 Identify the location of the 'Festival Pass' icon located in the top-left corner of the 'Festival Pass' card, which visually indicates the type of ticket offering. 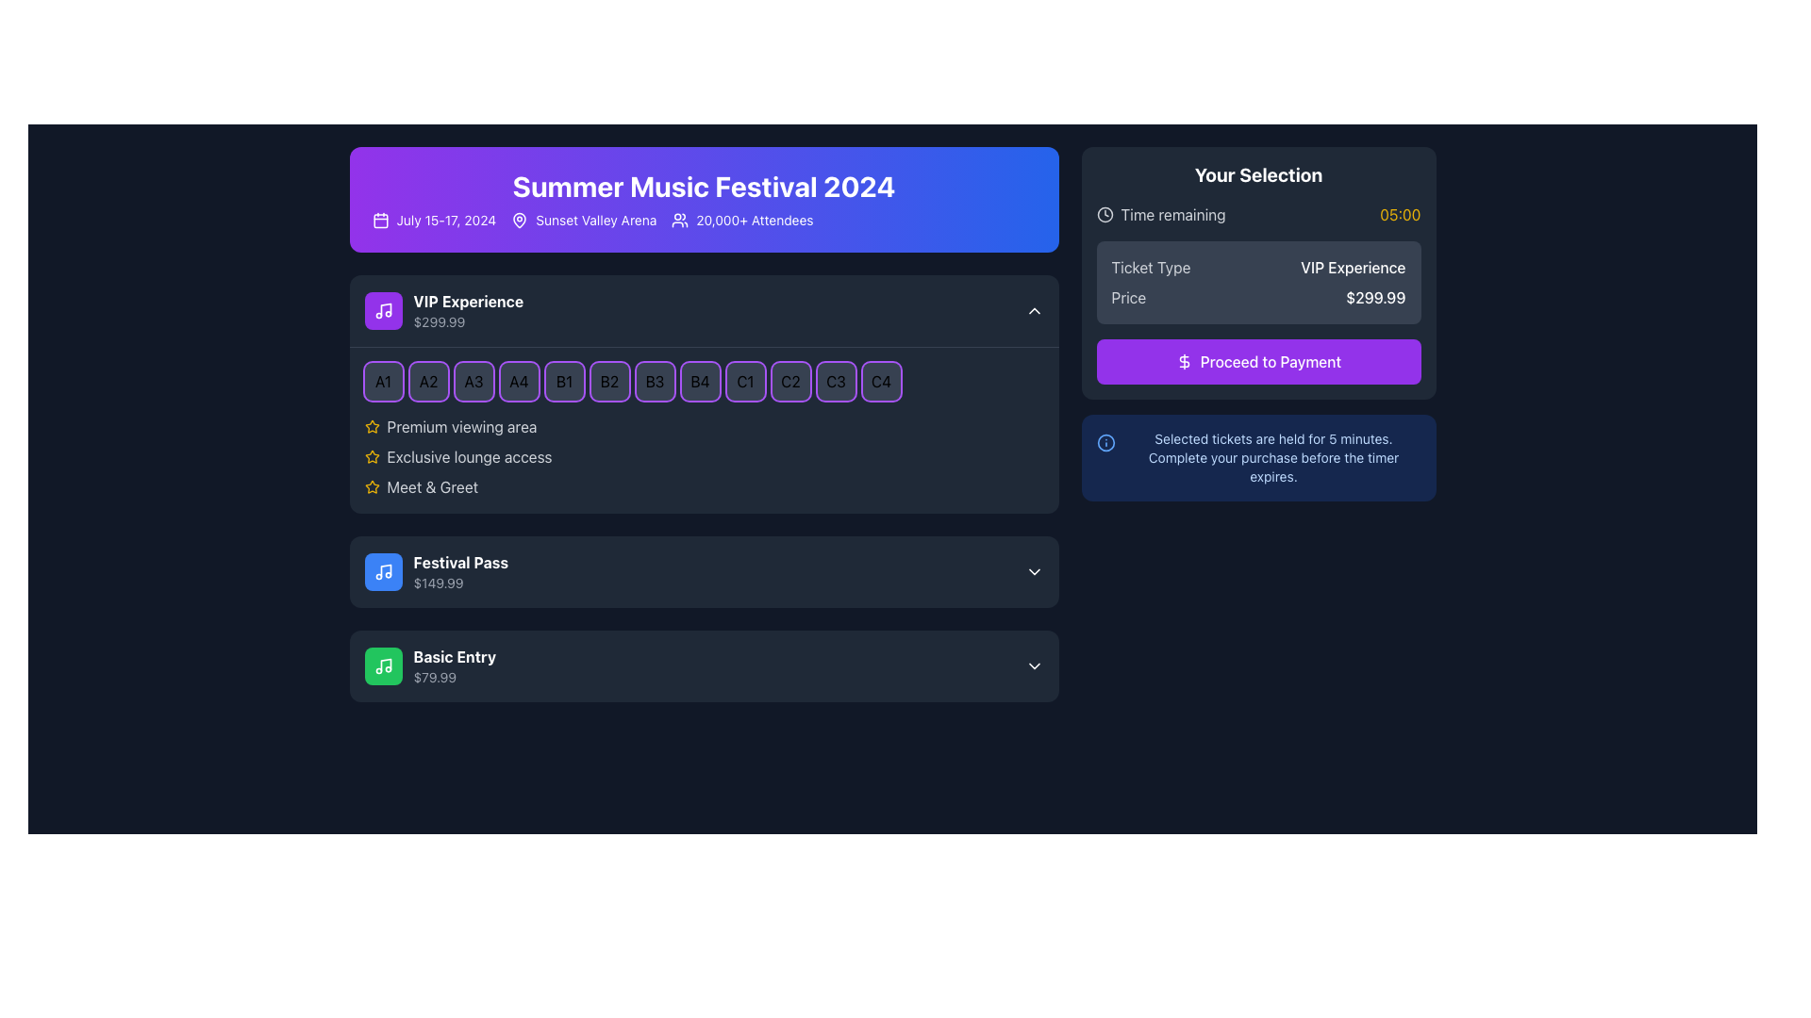
(382, 570).